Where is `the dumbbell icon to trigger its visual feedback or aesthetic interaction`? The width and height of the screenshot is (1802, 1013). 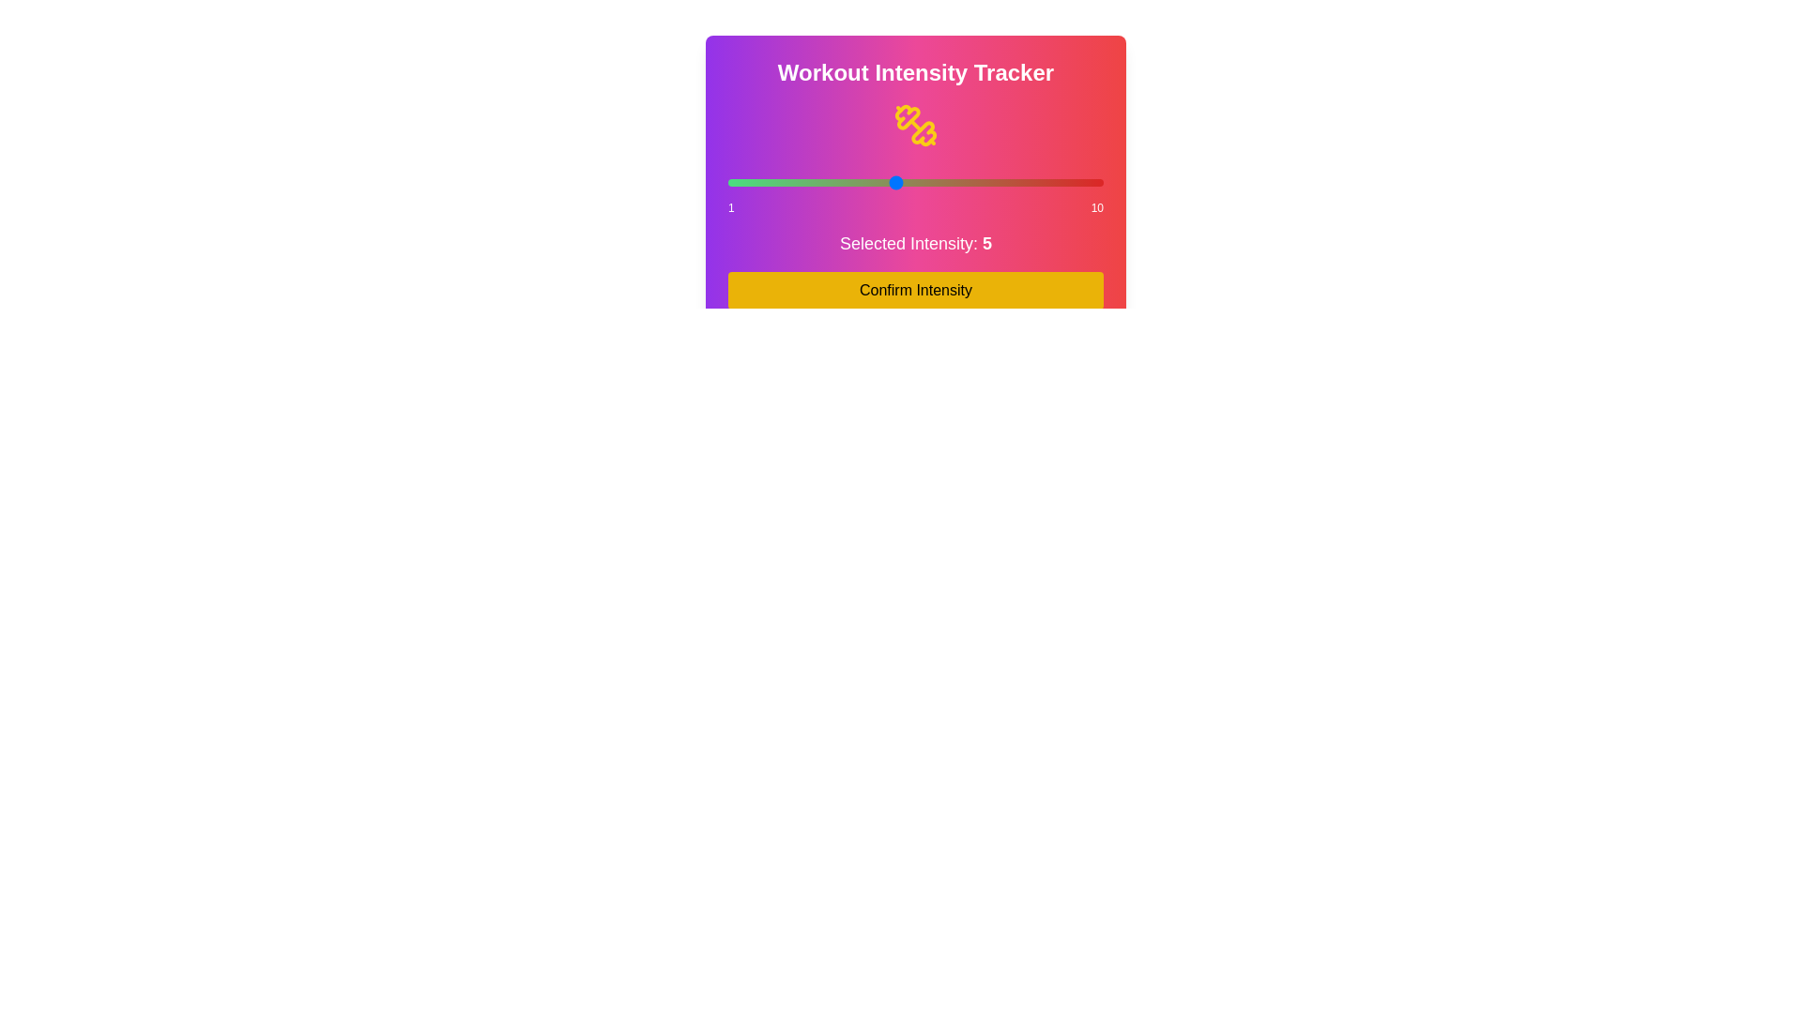 the dumbbell icon to trigger its visual feedback or aesthetic interaction is located at coordinates (915, 126).